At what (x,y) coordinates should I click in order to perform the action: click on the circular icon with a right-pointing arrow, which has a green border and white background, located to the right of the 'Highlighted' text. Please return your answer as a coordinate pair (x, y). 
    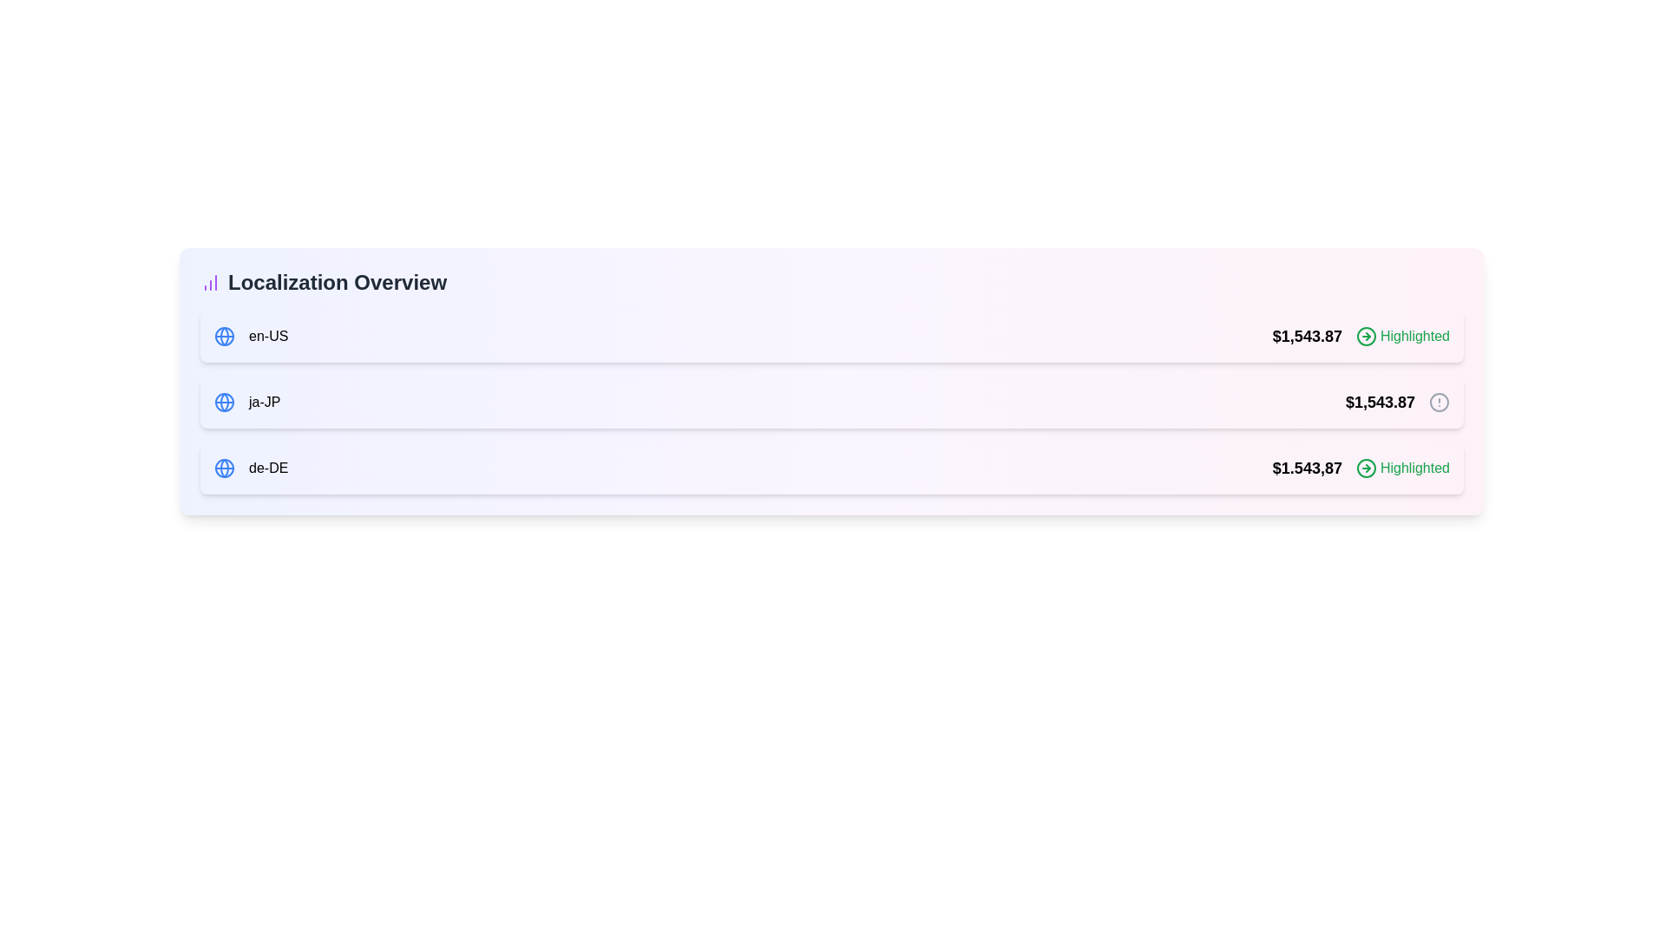
    Looking at the image, I should click on (1365, 337).